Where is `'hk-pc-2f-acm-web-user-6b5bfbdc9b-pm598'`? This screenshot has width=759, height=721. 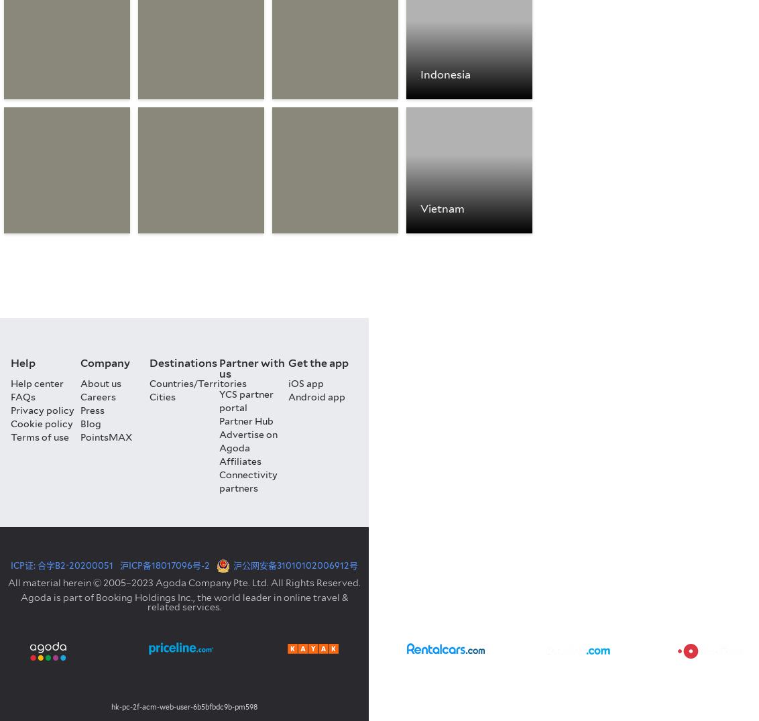 'hk-pc-2f-acm-web-user-6b5bfbdc9b-pm598' is located at coordinates (184, 707).